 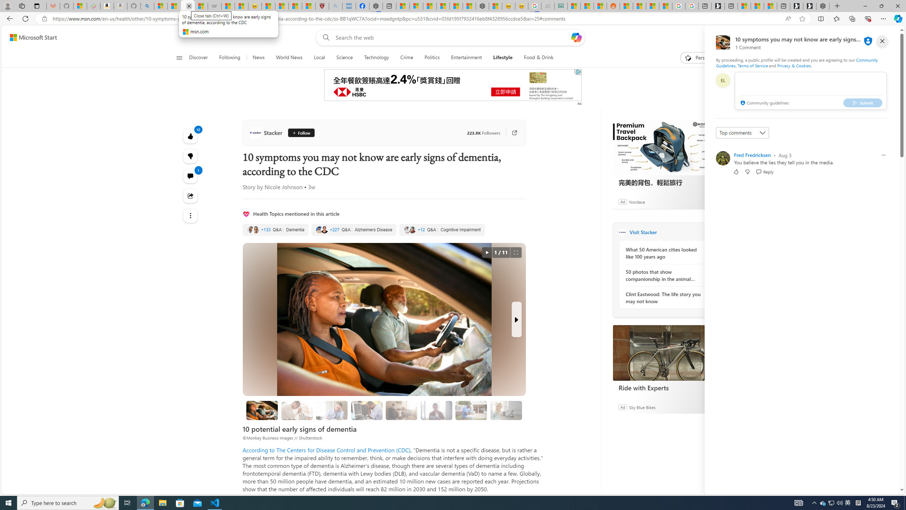 I want to click on 'Robert H. Shmerling, MD - Harvard Health', so click(x=322, y=6).